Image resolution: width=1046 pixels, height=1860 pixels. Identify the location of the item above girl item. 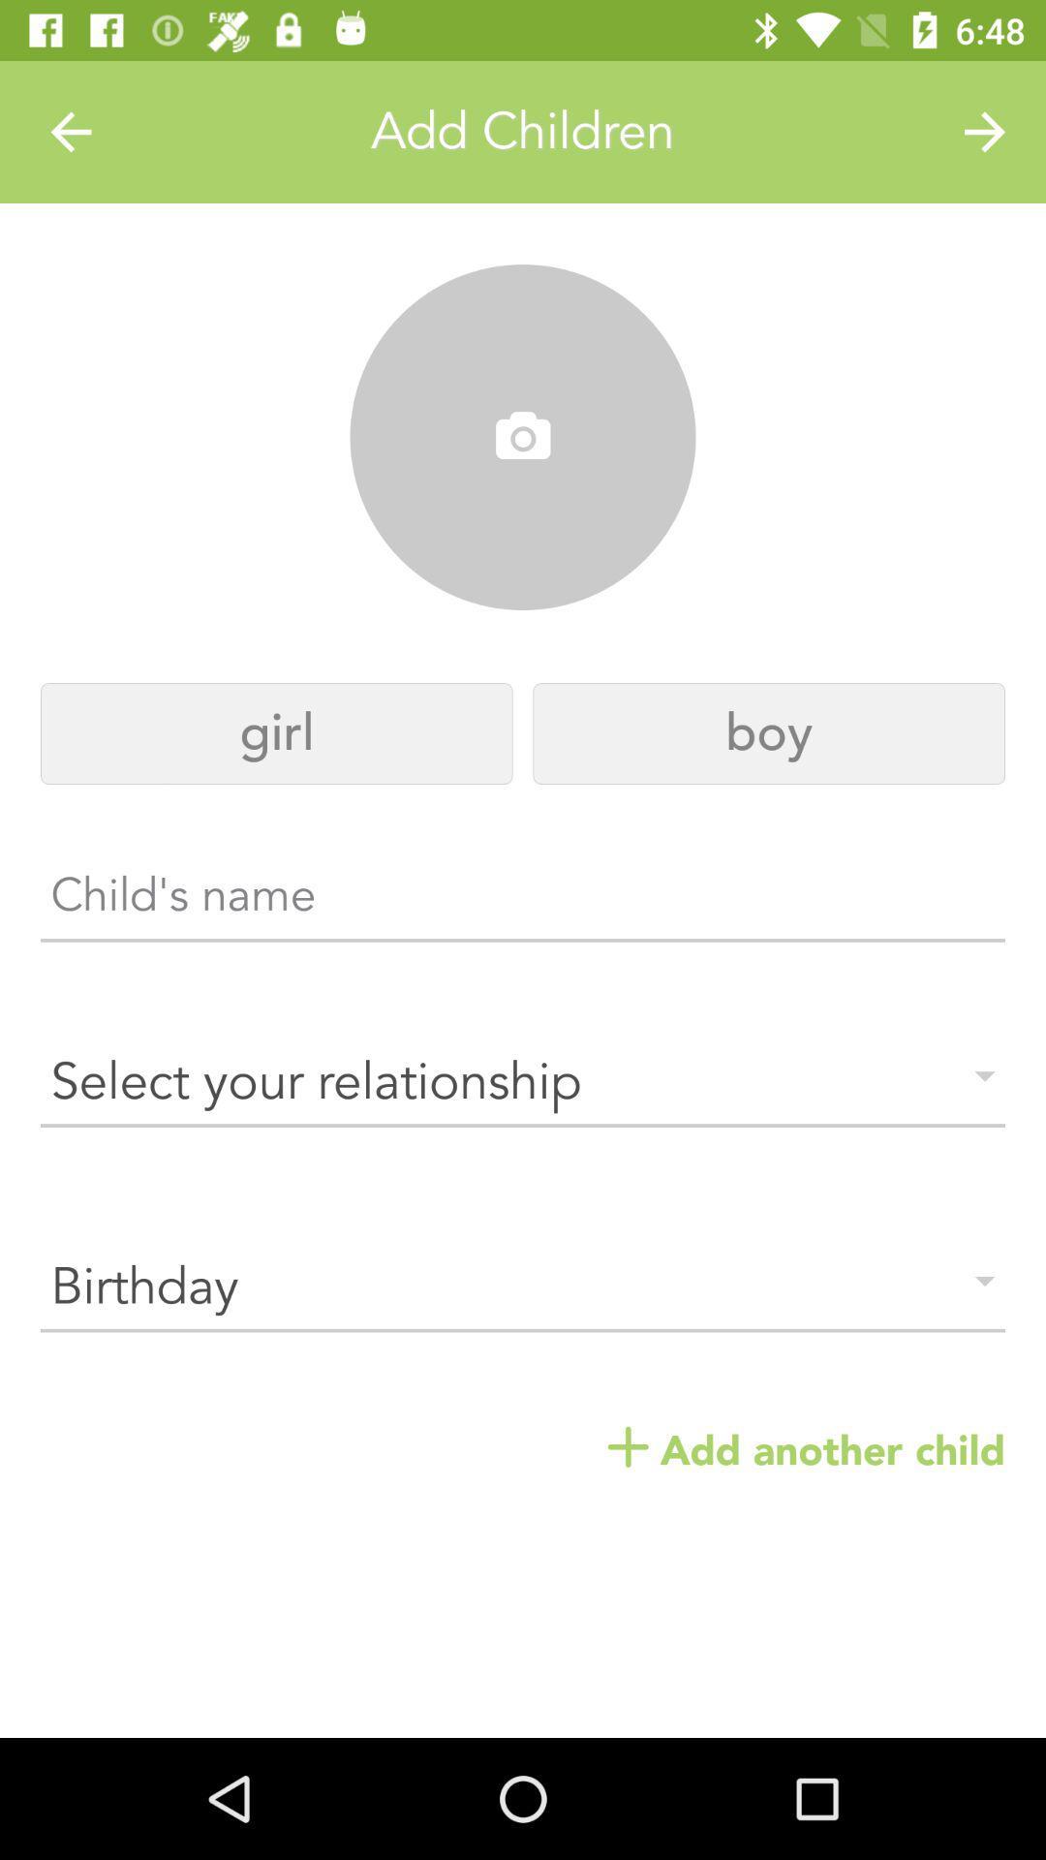
(70, 131).